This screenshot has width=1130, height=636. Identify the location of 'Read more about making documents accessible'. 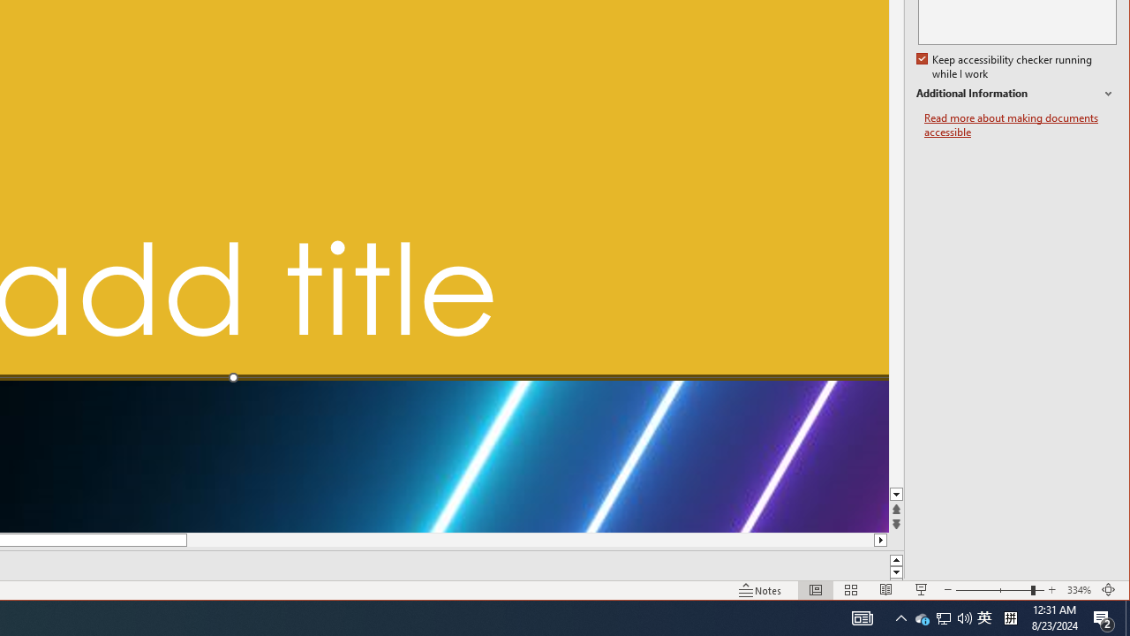
(1020, 125).